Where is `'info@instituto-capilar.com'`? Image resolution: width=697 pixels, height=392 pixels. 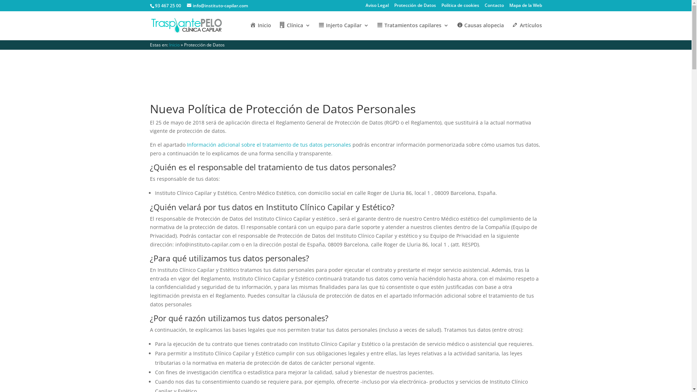
'info@instituto-capilar.com' is located at coordinates (217, 5).